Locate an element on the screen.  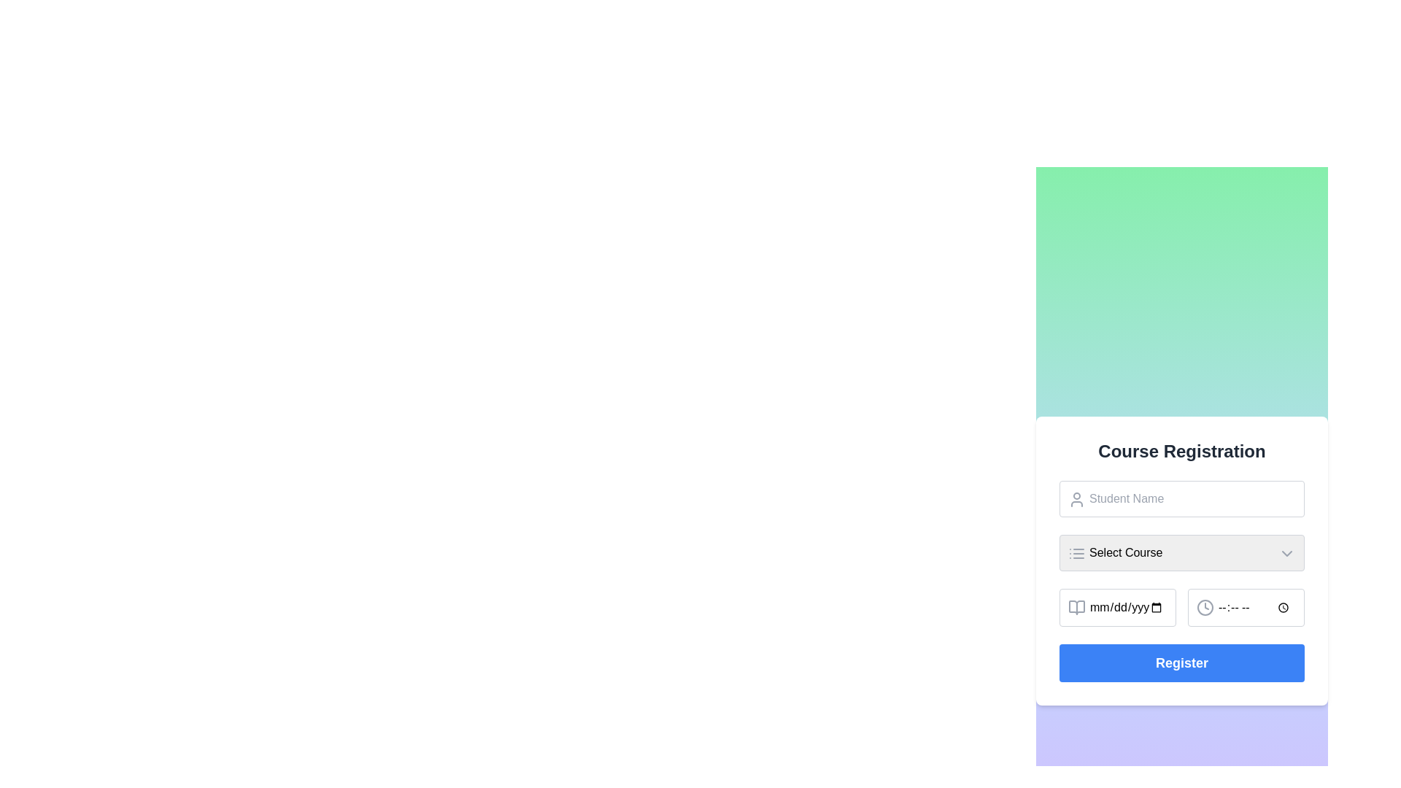
the time selection icon, which is located inside the time input field at the rightmost position of the bottom row of the form is located at coordinates (1205, 608).